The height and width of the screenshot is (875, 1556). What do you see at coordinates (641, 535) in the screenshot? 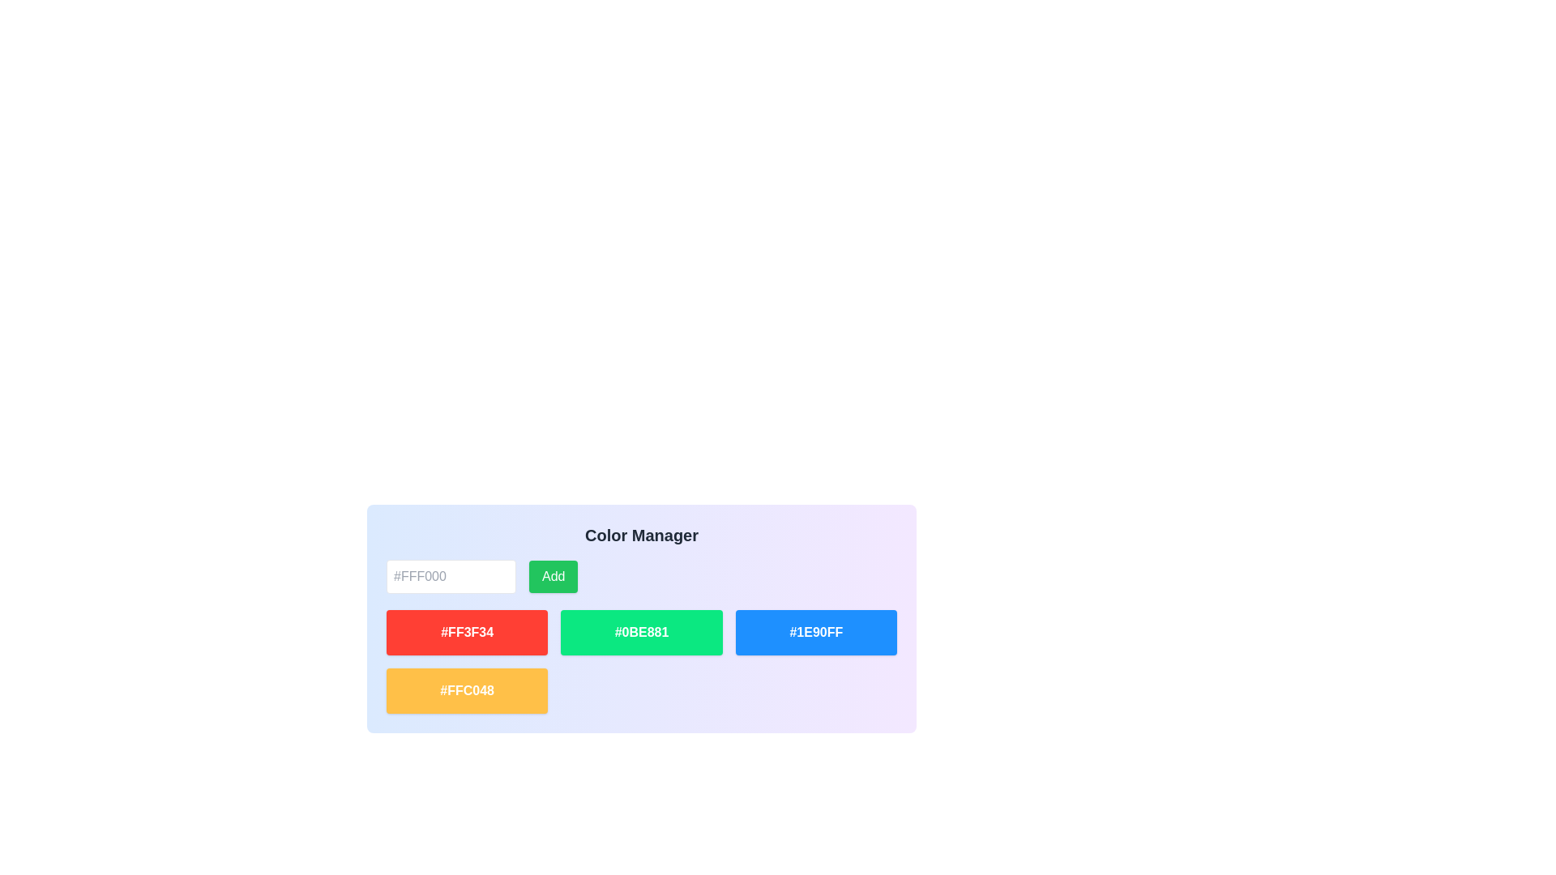
I see `the header text 'Color Manager' which is styled in bold, extra-large dark gray font and is located at the top-center of the interface` at bounding box center [641, 535].